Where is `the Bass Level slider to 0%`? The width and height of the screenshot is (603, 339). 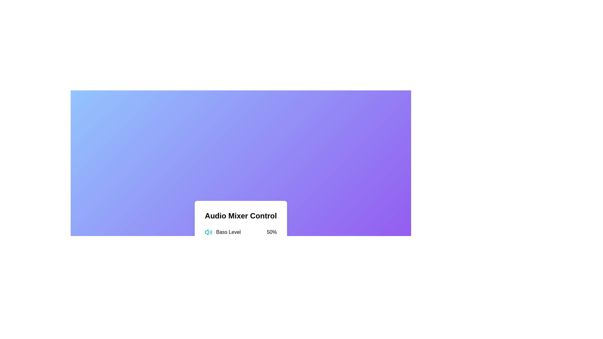
the Bass Level slider to 0% is located at coordinates (205, 240).